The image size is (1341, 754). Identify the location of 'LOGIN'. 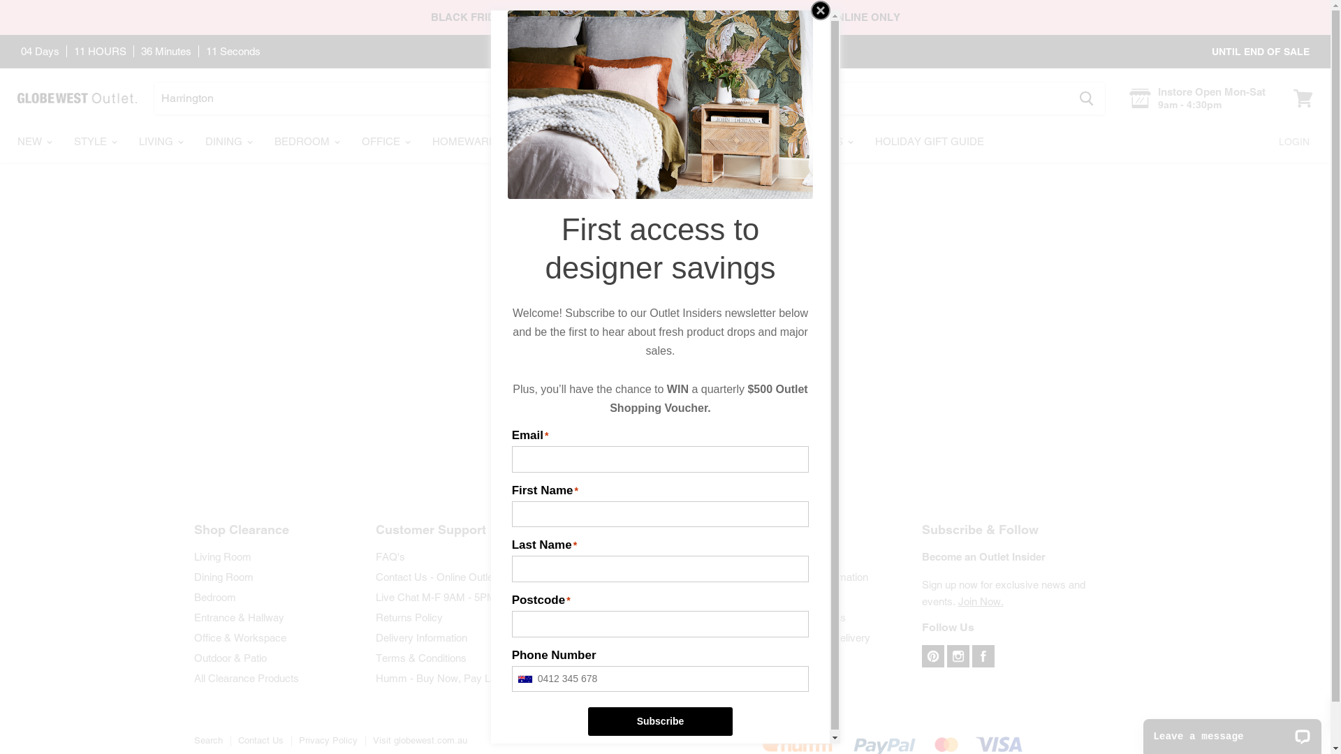
(1270, 142).